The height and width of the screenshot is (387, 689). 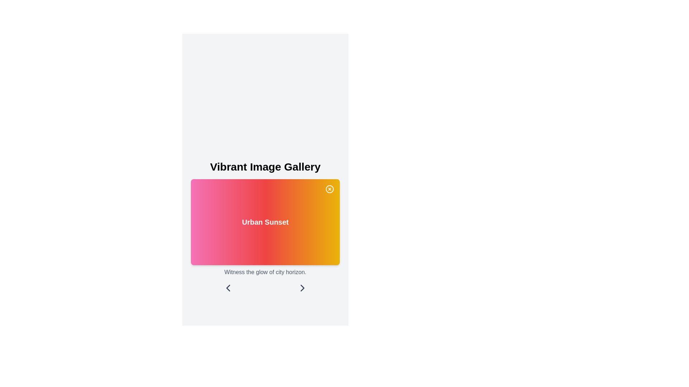 I want to click on the leftward arrow icon button with dark color and rounded edges located near the bottom-left corner of the interface, so click(x=228, y=287).